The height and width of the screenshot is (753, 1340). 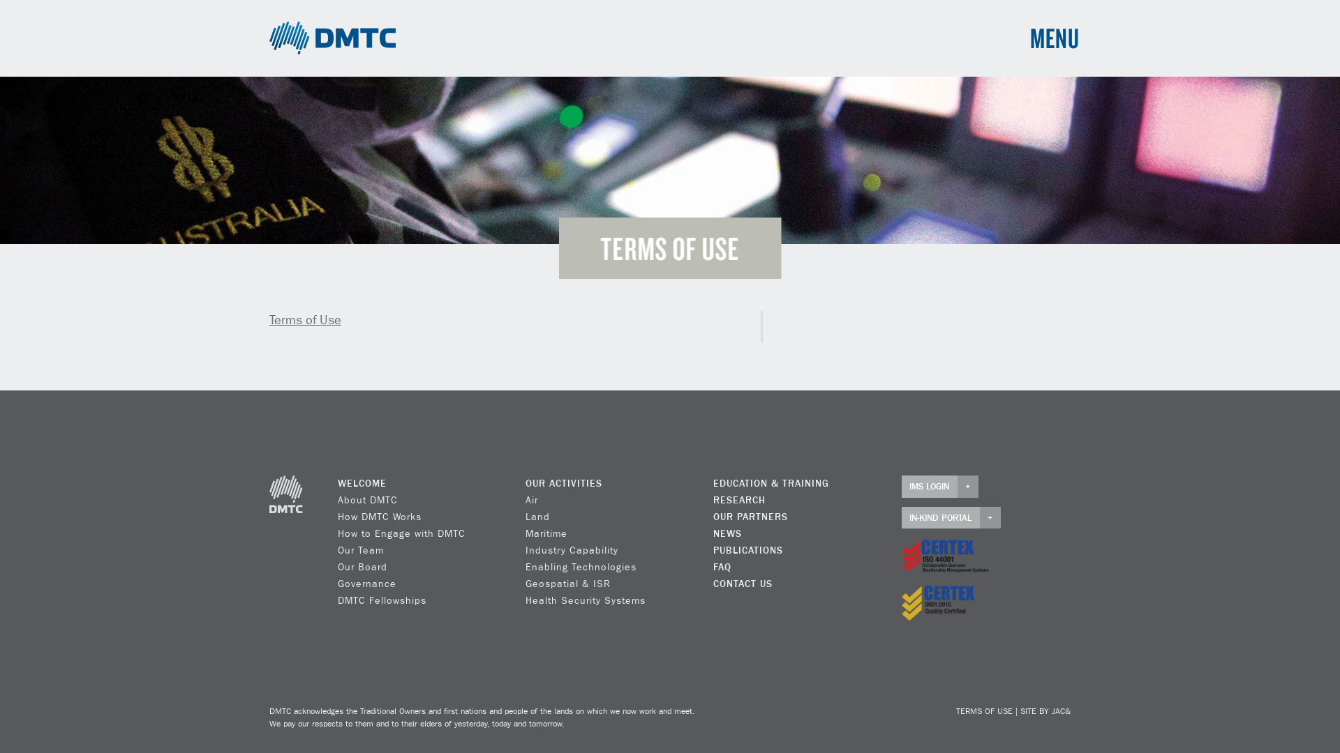 I want to click on 'Terms of Use', so click(x=304, y=320).